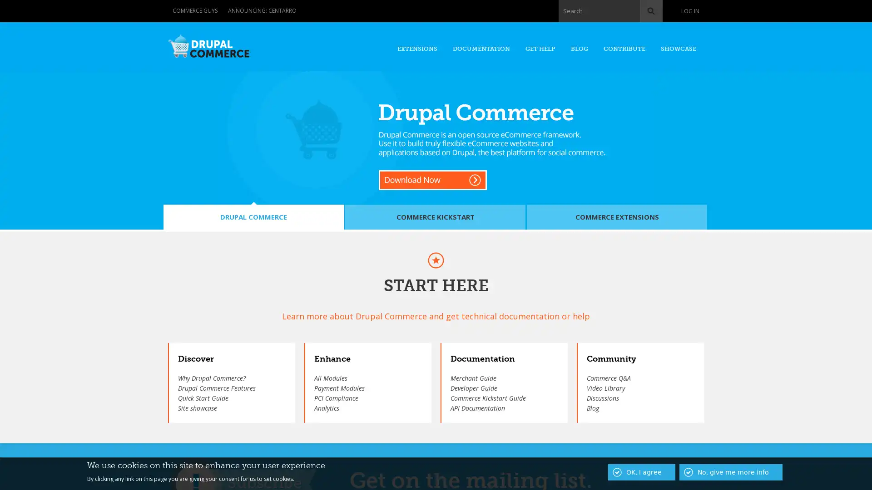  Describe the element at coordinates (641, 472) in the screenshot. I see `OK, I agree` at that location.